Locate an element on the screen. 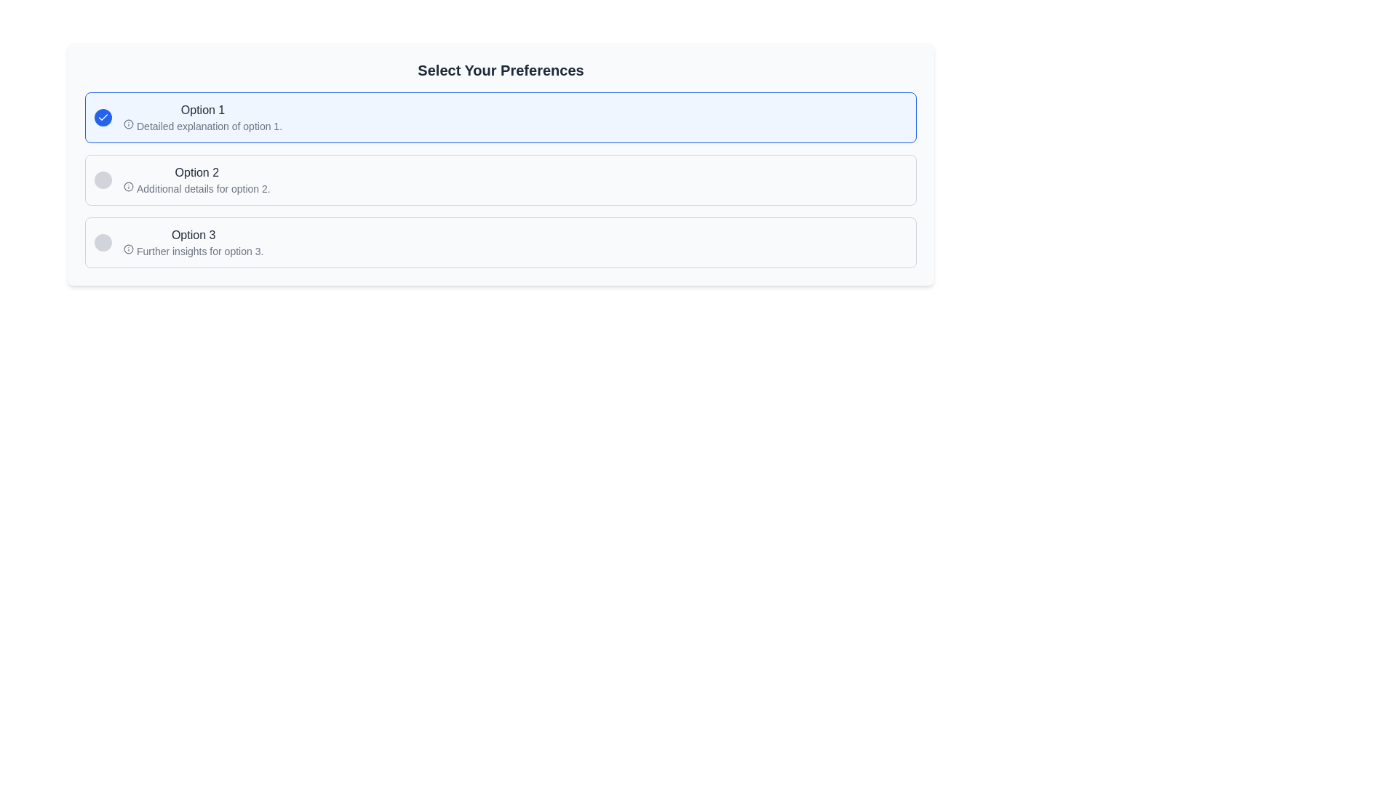 This screenshot has width=1397, height=785. the selection state of the checkmark icon within the blue circular background, which indicates the selection of 'Option 1' is located at coordinates (103, 117).